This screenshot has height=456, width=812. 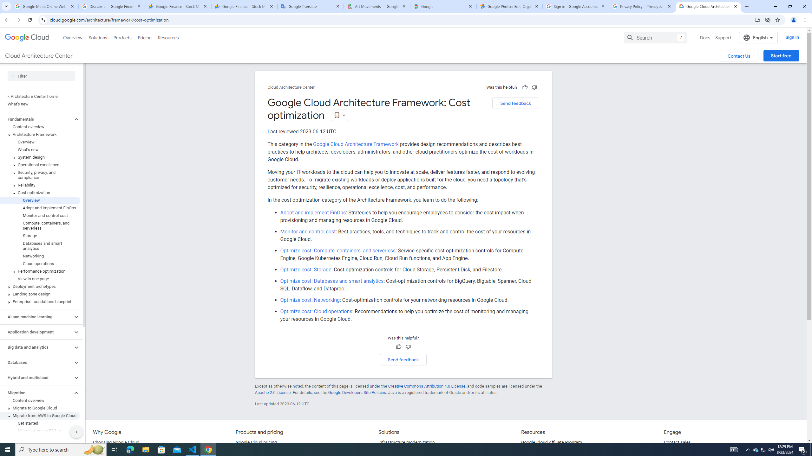 What do you see at coordinates (40, 408) in the screenshot?
I see `'Migrate to Google Cloud'` at bounding box center [40, 408].